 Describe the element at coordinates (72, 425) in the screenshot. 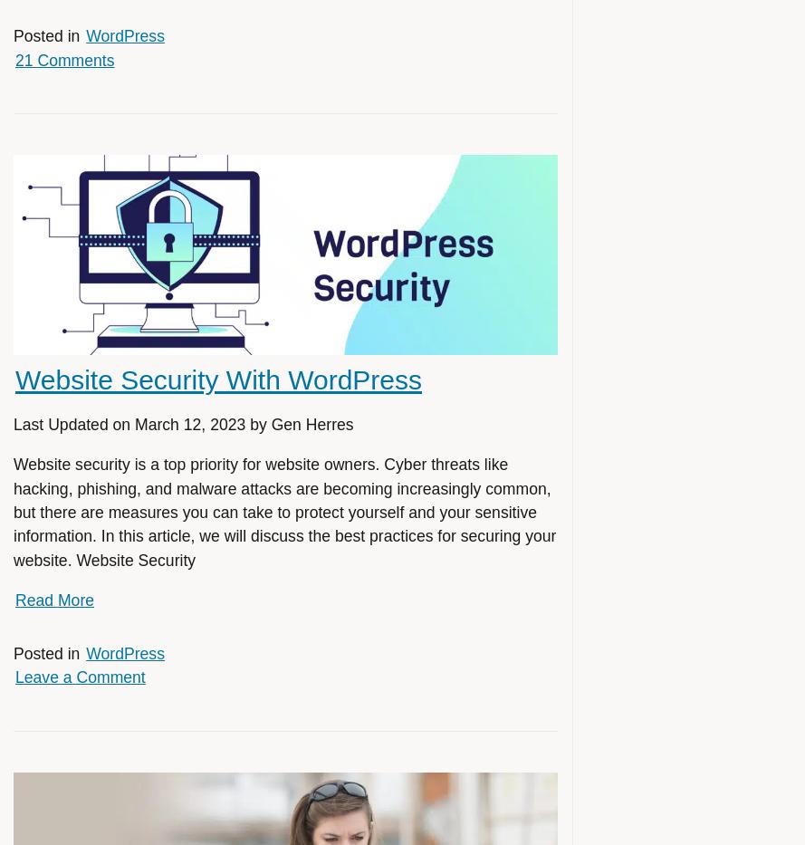

I see `'Last Updated on'` at that location.